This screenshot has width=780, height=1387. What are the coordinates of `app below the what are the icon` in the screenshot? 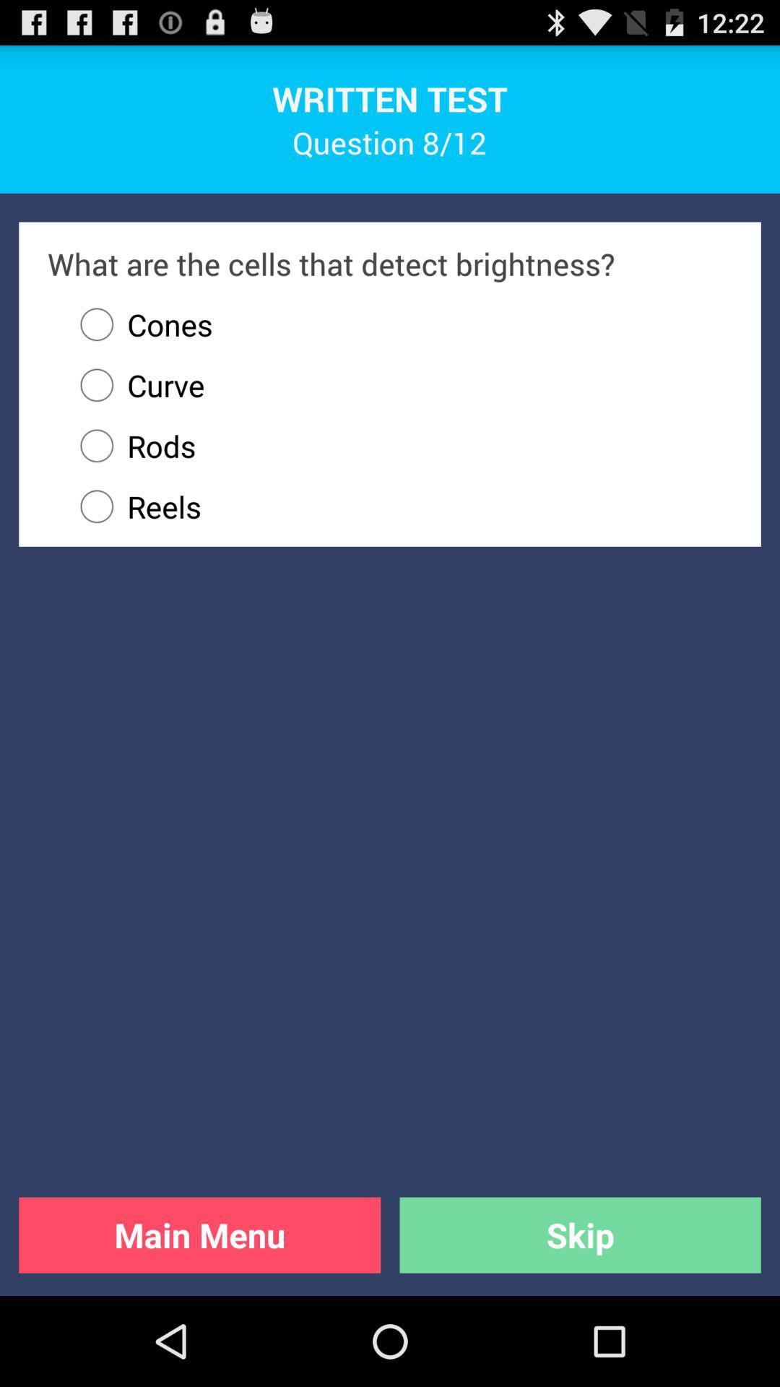 It's located at (139, 324).